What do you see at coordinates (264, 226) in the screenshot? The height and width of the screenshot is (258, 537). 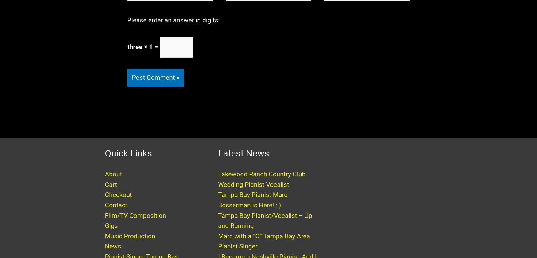 I see `'Tampa Bay Pianist/Vocalist  –  Up and Running'` at bounding box center [264, 226].